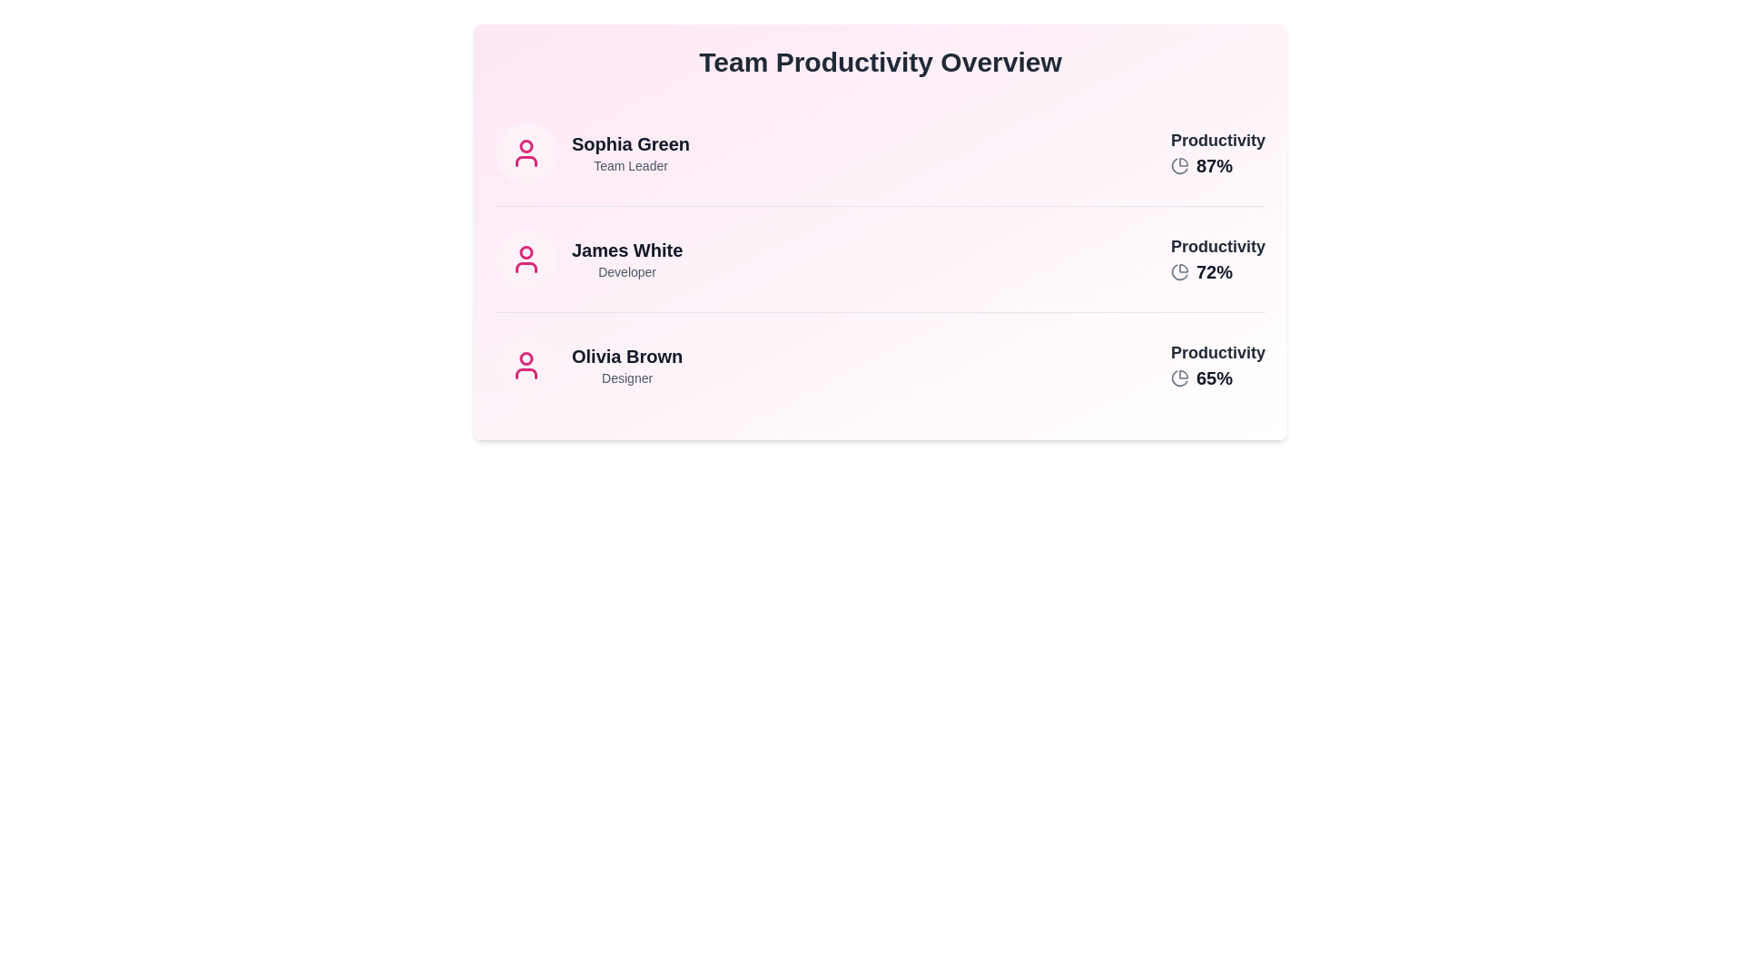  What do you see at coordinates (1217, 272) in the screenshot?
I see `the pie chart icon representing the productivity percentage of the user 'James White' in the second row of the 'Team Productivity Overview'` at bounding box center [1217, 272].